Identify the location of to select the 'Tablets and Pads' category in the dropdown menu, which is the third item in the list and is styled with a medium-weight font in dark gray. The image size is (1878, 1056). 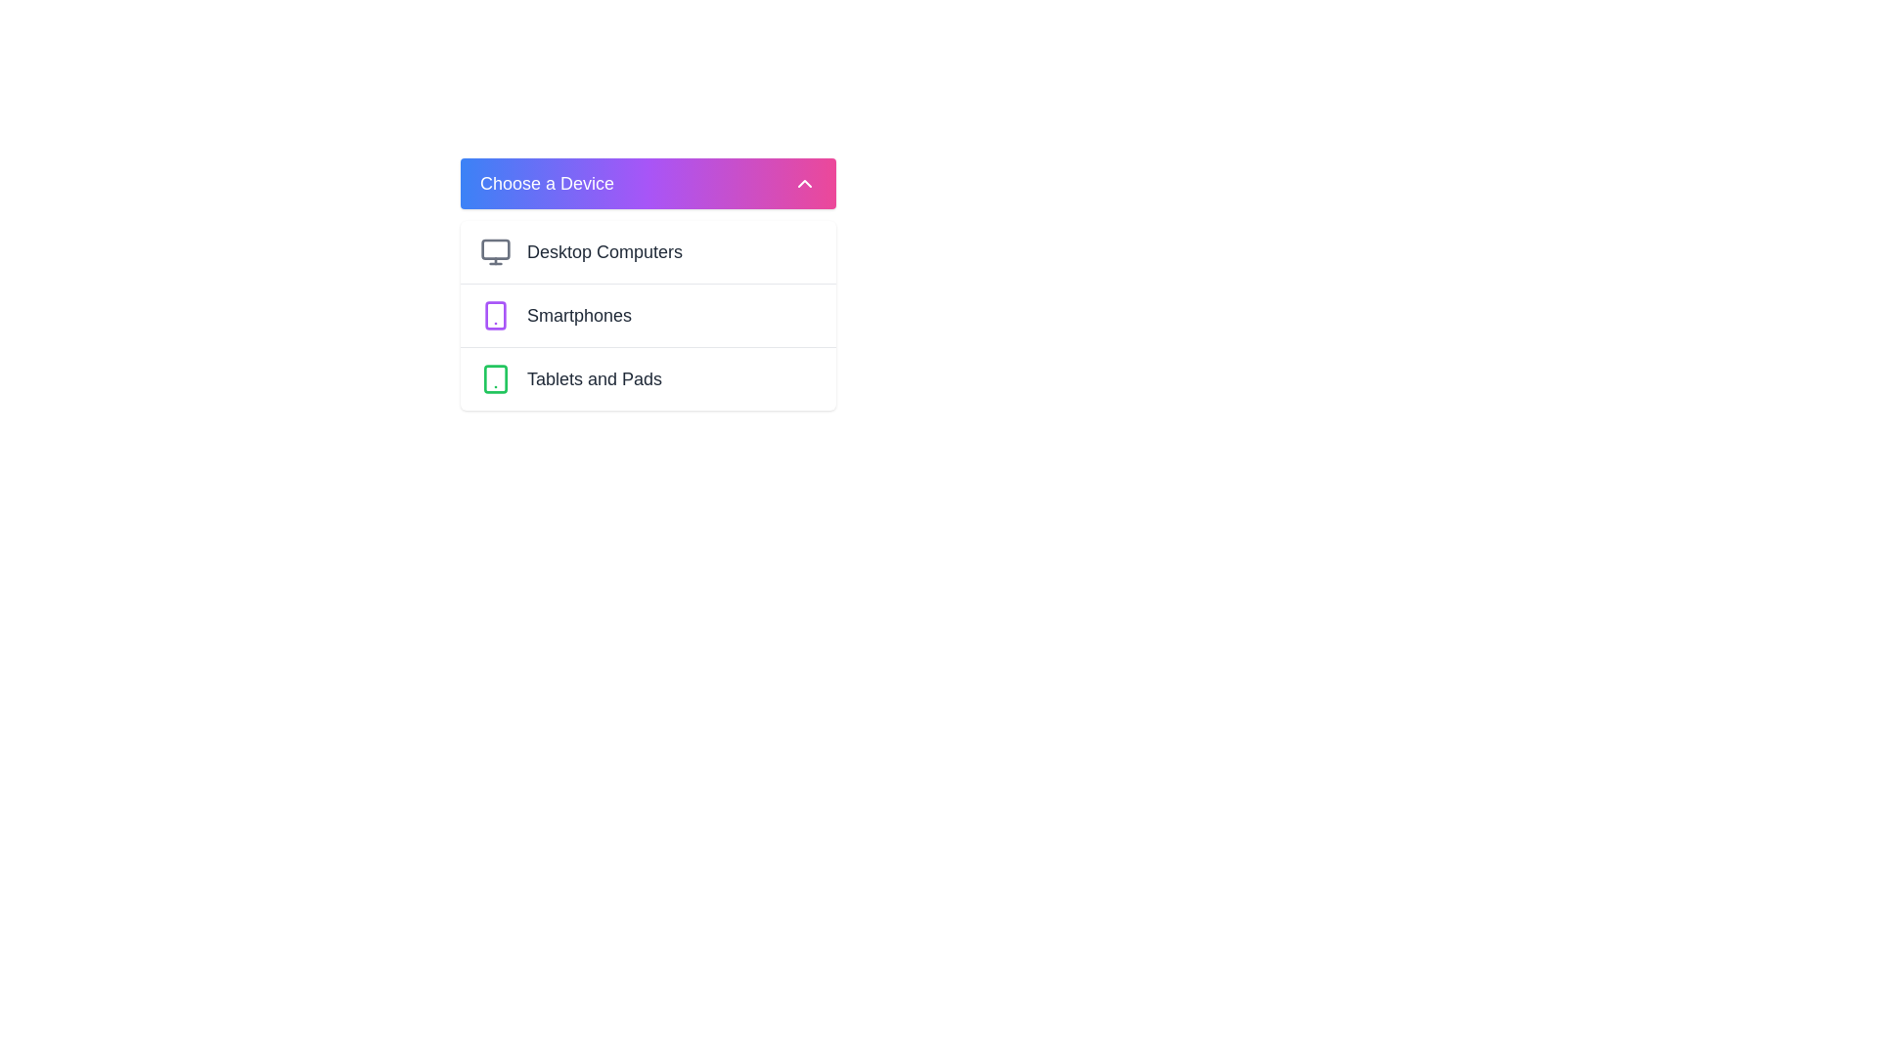
(594, 379).